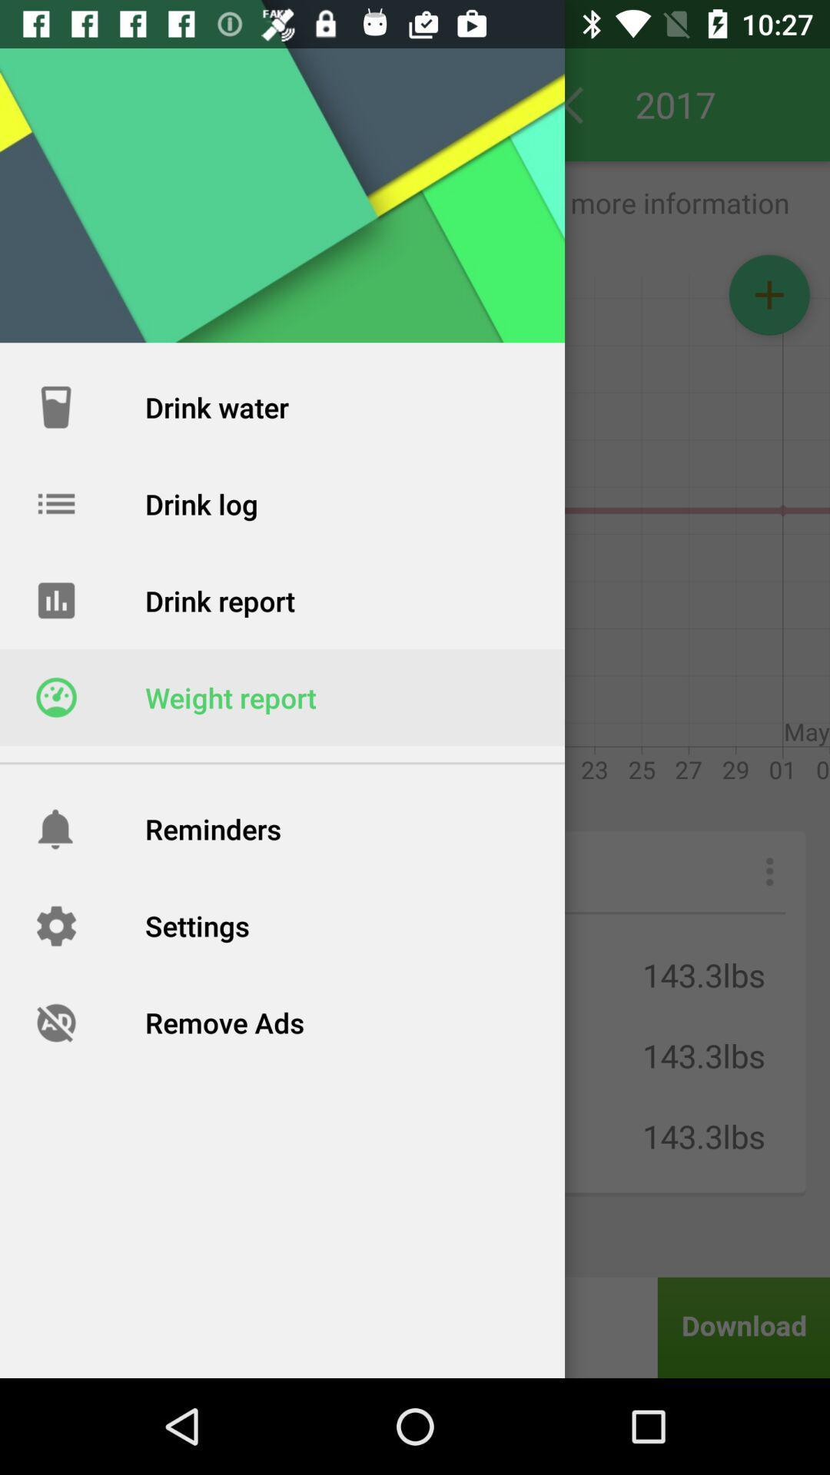 The height and width of the screenshot is (1475, 830). I want to click on the add icon, so click(769, 295).